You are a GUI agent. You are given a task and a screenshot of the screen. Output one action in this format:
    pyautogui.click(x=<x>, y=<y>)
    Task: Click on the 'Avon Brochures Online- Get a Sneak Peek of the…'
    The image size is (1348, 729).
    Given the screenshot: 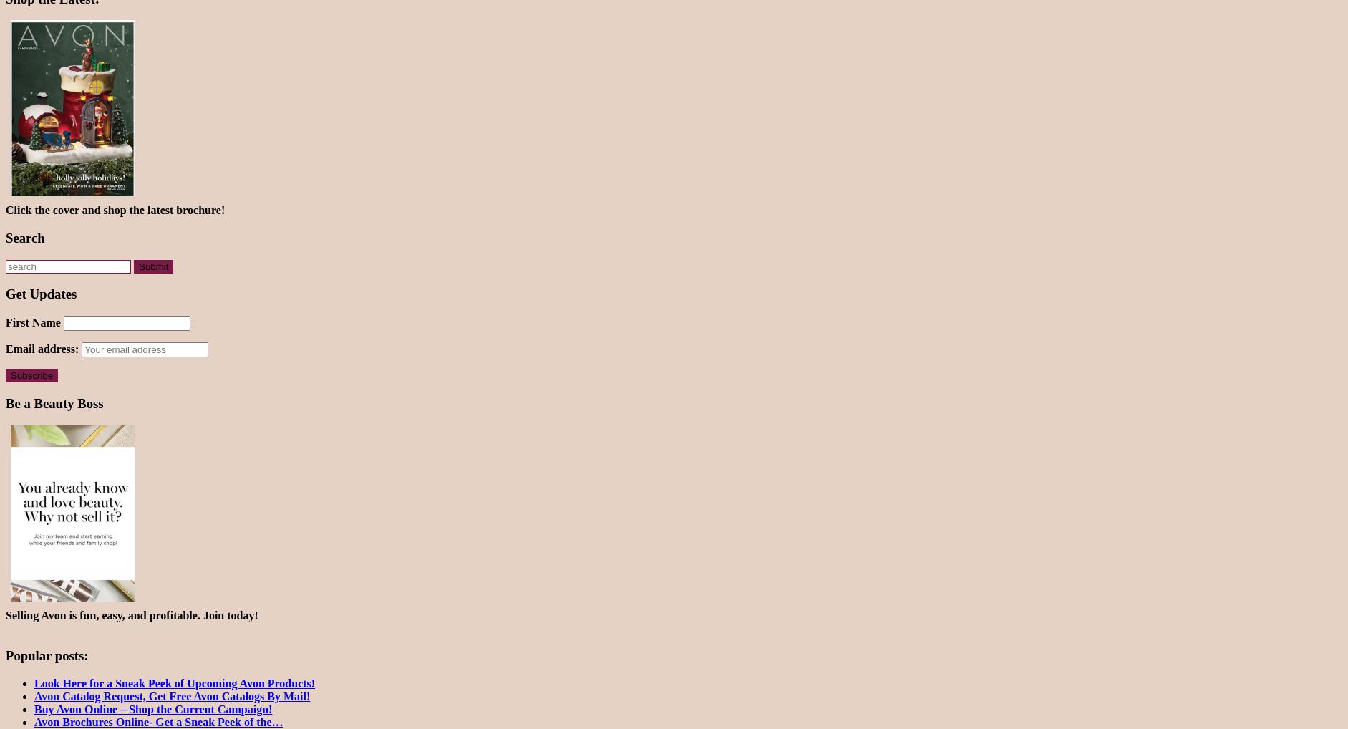 What is the action you would take?
    pyautogui.click(x=158, y=722)
    